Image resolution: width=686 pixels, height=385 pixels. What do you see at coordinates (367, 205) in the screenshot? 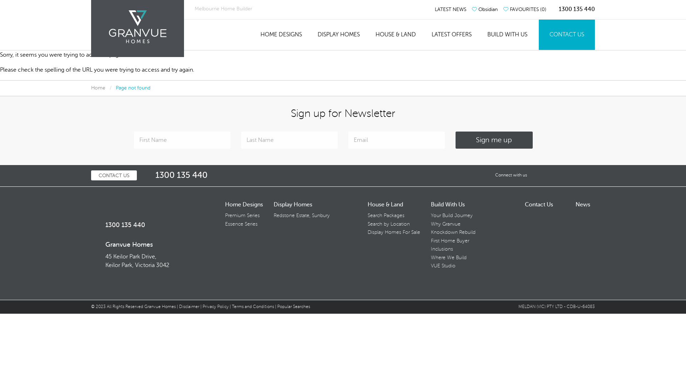
I see `'House & Land'` at bounding box center [367, 205].